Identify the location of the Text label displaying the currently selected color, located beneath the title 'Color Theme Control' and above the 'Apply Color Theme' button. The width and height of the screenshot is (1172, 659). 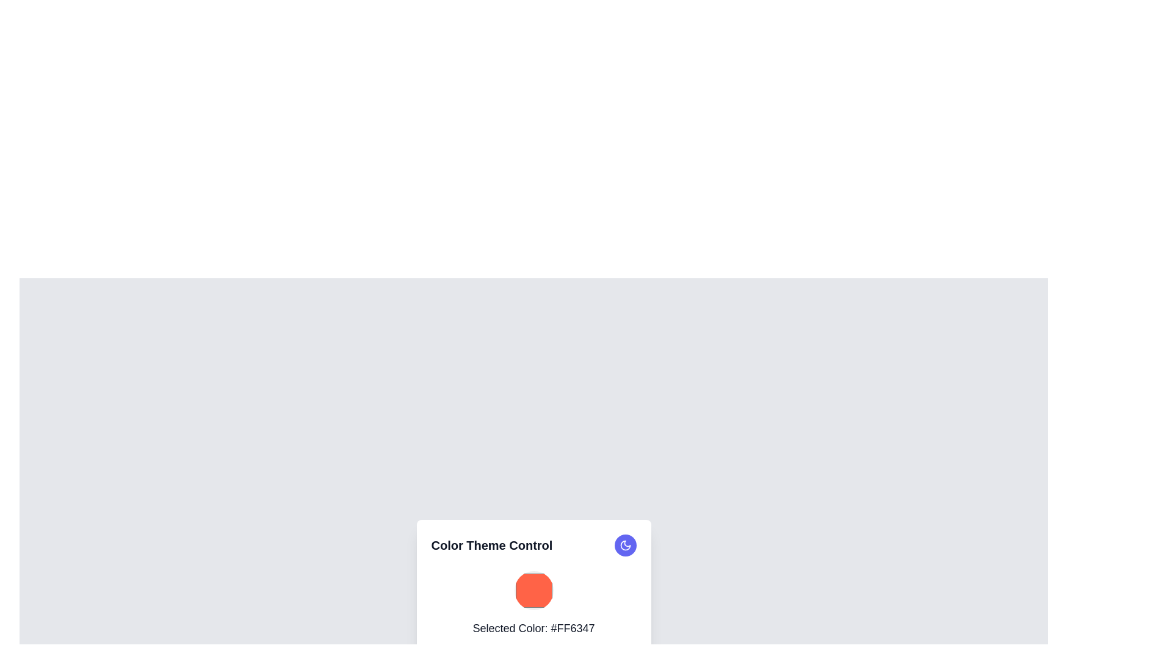
(534, 604).